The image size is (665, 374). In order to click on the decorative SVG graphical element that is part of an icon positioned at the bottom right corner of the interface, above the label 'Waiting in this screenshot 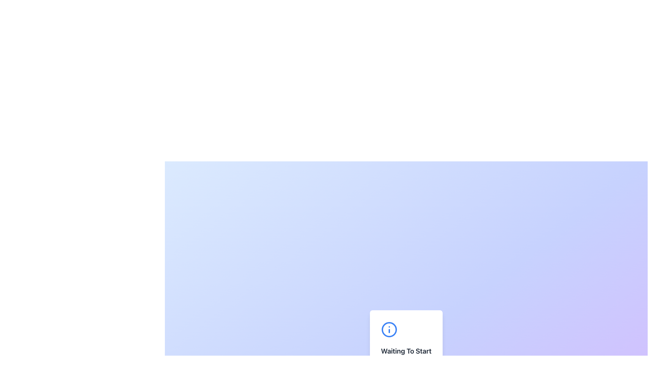, I will do `click(389, 329)`.